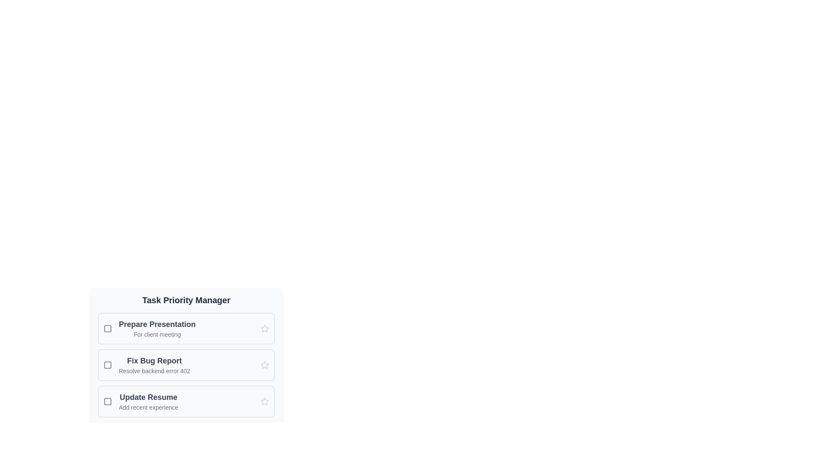 This screenshot has width=815, height=458. I want to click on the informational Text label for the 'Update Resume' task, located beneath the title in the third row of a vertical list, so click(149, 407).